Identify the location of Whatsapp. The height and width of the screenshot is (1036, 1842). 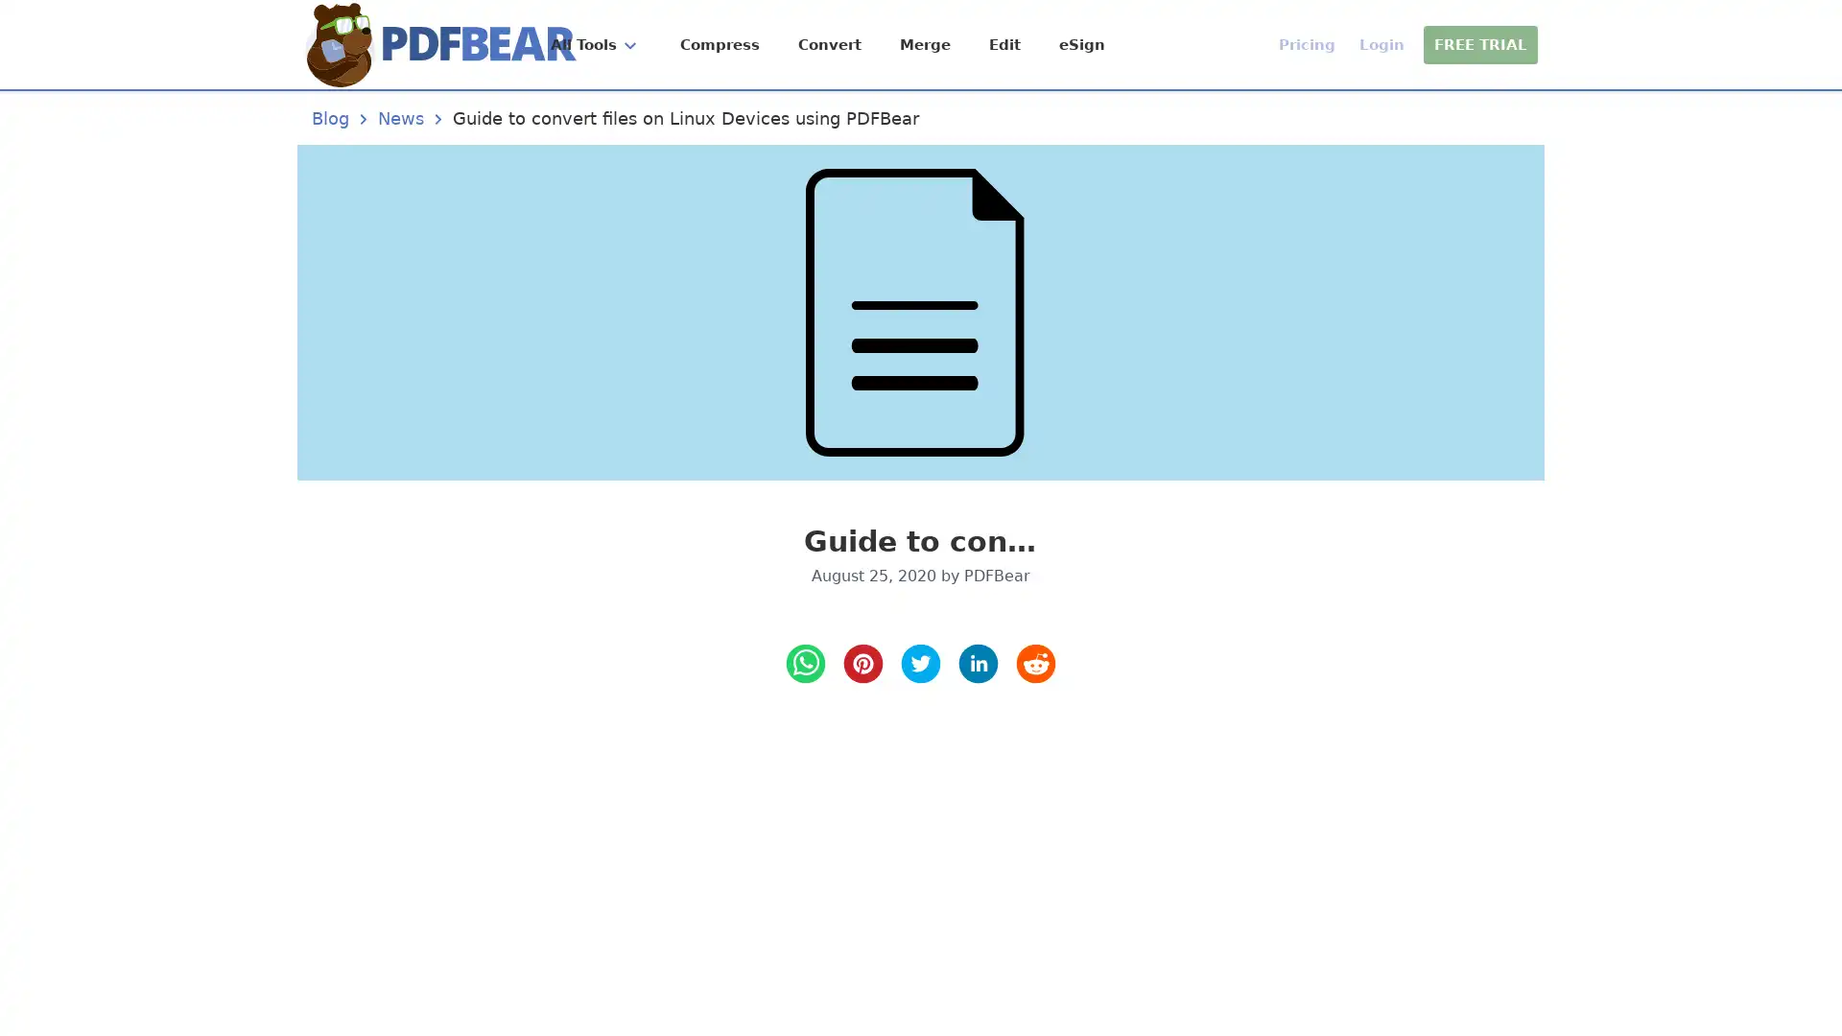
(806, 662).